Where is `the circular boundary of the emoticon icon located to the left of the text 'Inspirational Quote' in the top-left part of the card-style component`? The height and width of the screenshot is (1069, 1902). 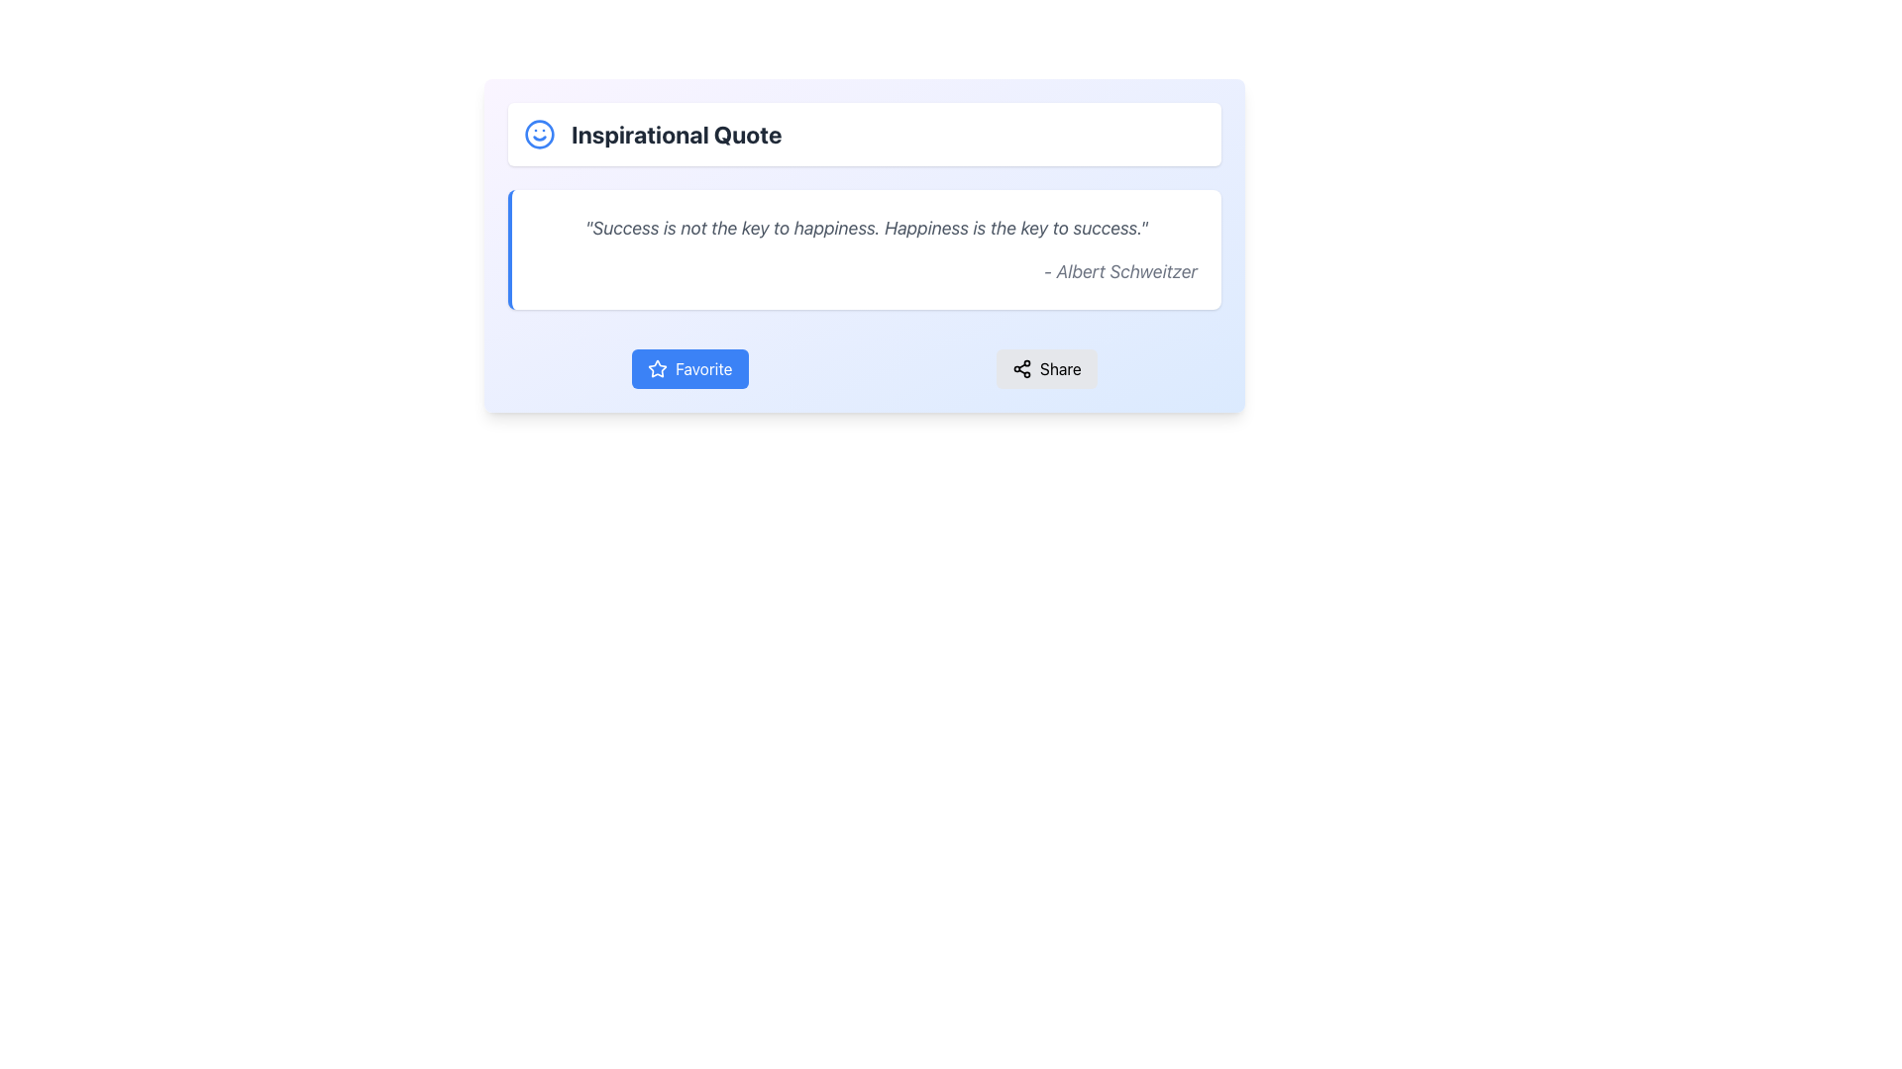 the circular boundary of the emoticon icon located to the left of the text 'Inspirational Quote' in the top-left part of the card-style component is located at coordinates (540, 134).